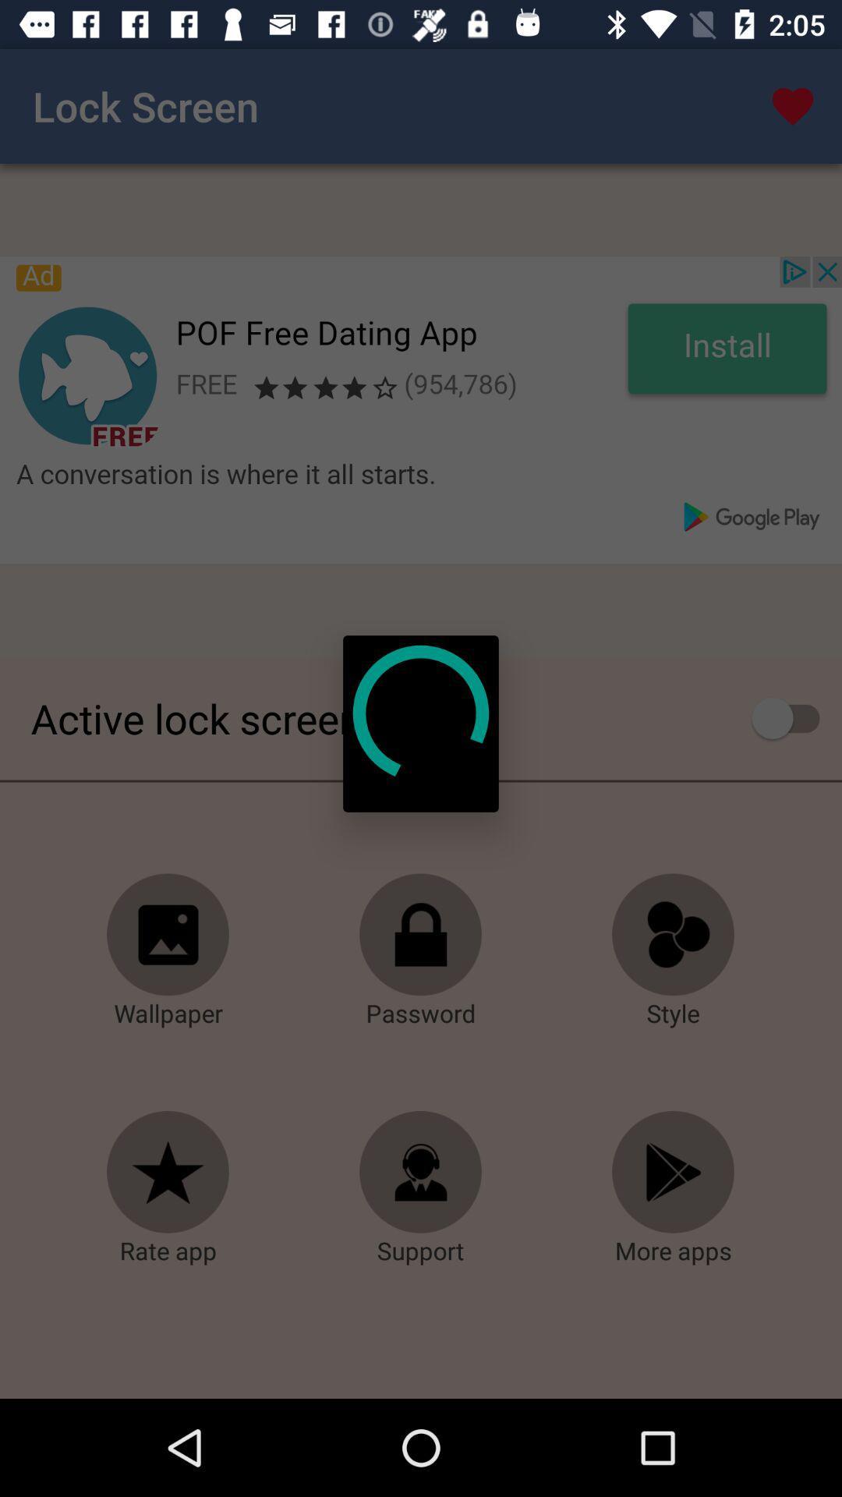 This screenshot has height=1497, width=842. I want to click on on-off, so click(793, 717).